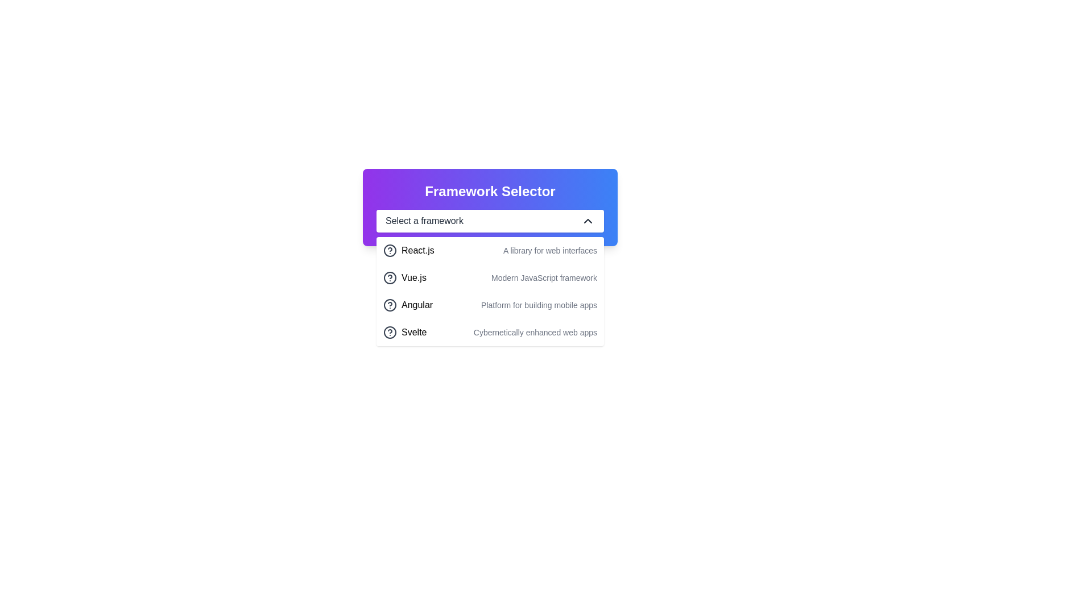 The height and width of the screenshot is (614, 1092). I want to click on the question mark icon located to the left of the 'Angular' option in the dropdown list for help or additional information, so click(390, 304).